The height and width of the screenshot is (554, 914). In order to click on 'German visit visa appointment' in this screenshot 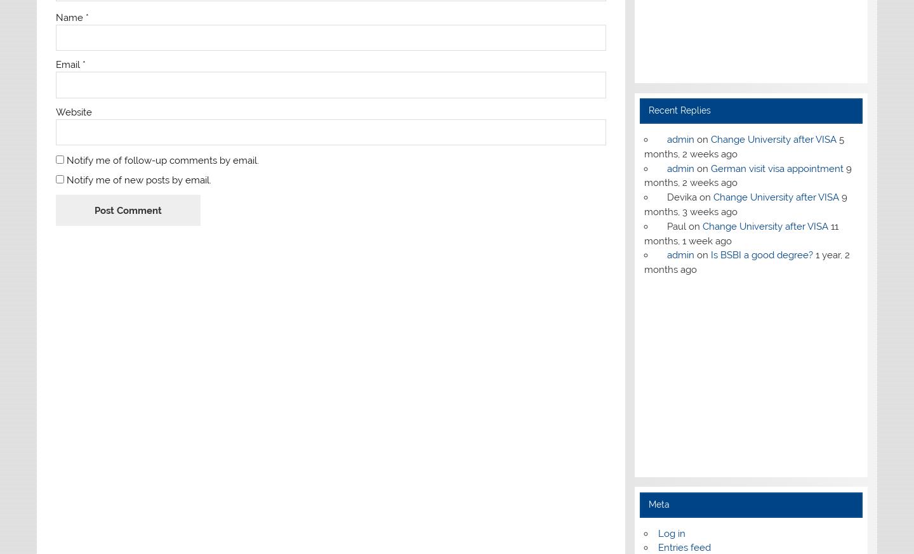, I will do `click(710, 168)`.